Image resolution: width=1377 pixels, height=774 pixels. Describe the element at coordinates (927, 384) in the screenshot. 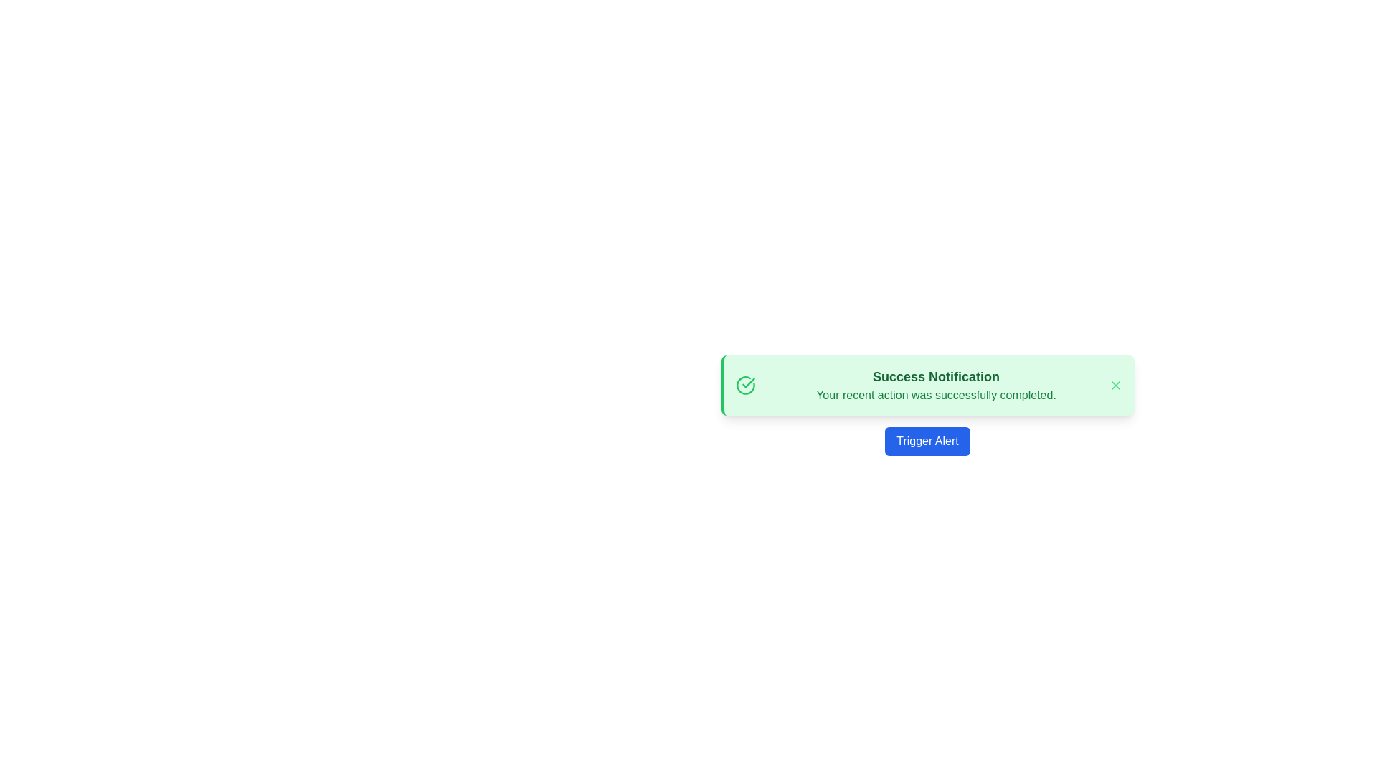

I see `the Notification box, which provides feedback and confirmation of successful actions, for additional interaction` at that location.